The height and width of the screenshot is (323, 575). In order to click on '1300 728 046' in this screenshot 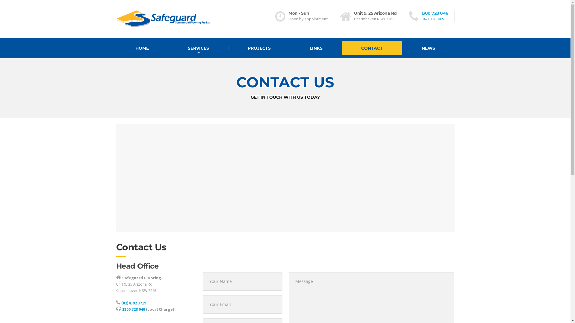, I will do `click(421, 13)`.